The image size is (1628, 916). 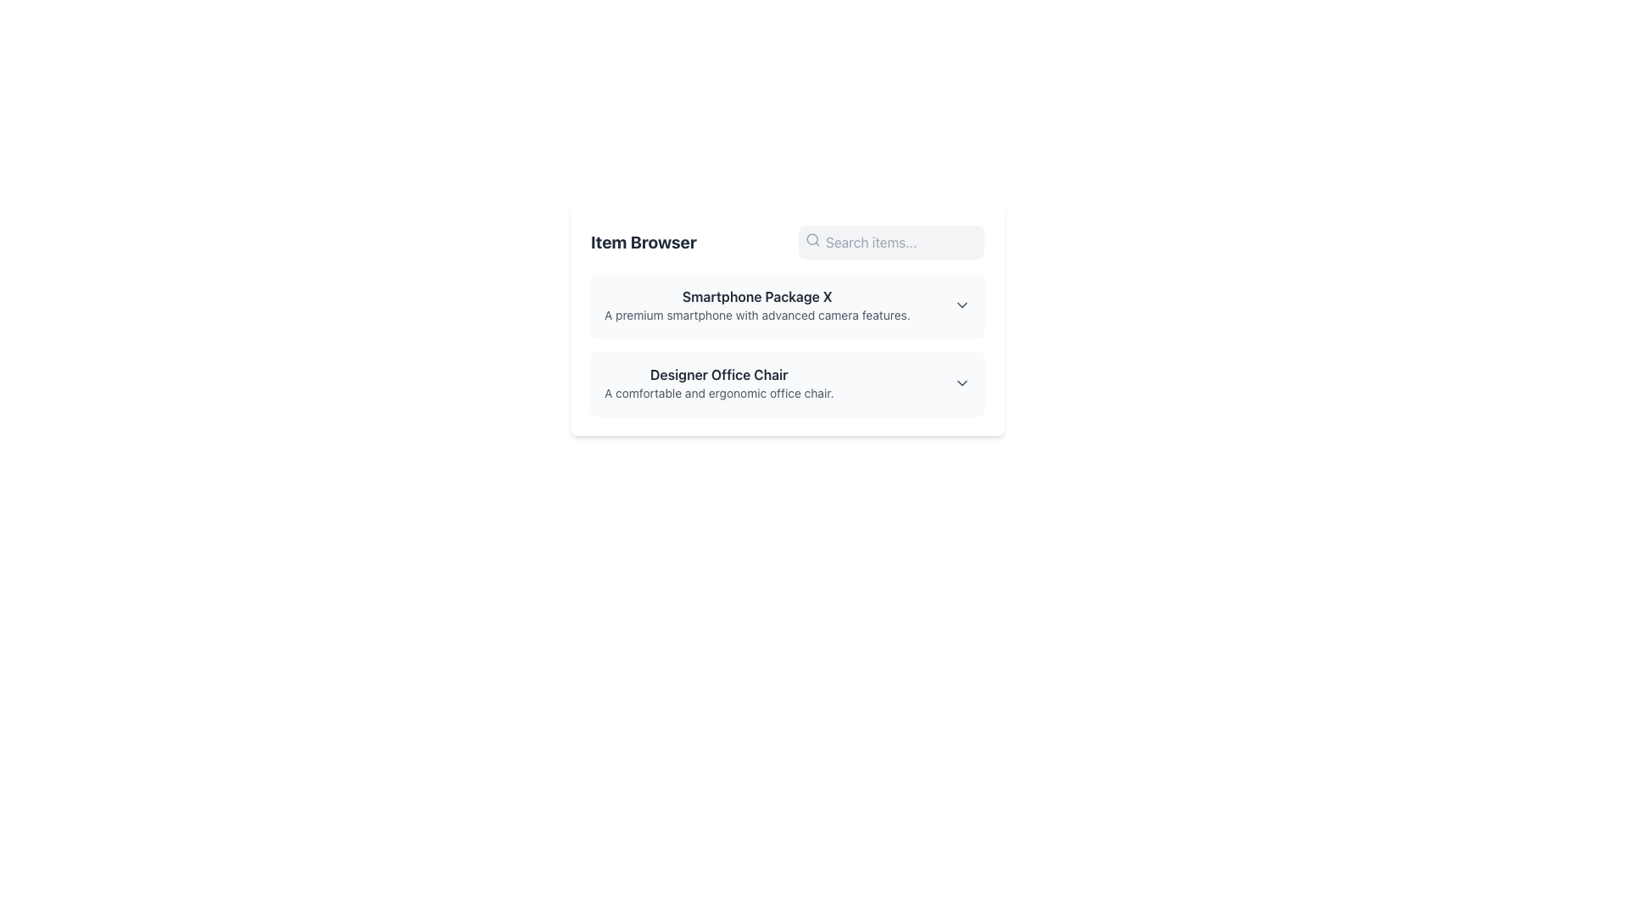 I want to click on title and description of the 'Designer Office Chair' text block, which is the second item in the vertical list under the header 'Item Browser', positioned below 'Smartphone Package X', so click(x=719, y=383).